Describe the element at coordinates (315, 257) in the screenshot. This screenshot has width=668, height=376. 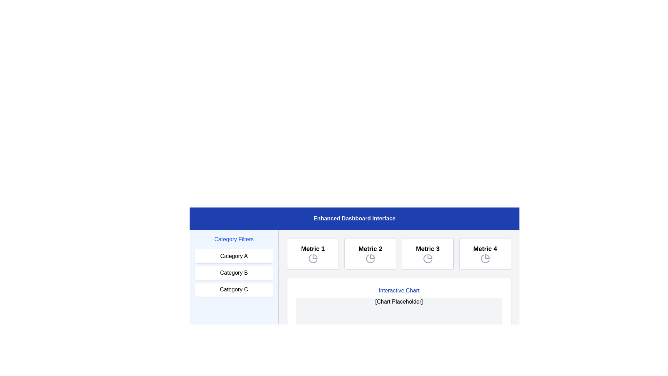
I see `the SVG icon representing a portion of the pie chart located in the 'Metric 1' box` at that location.